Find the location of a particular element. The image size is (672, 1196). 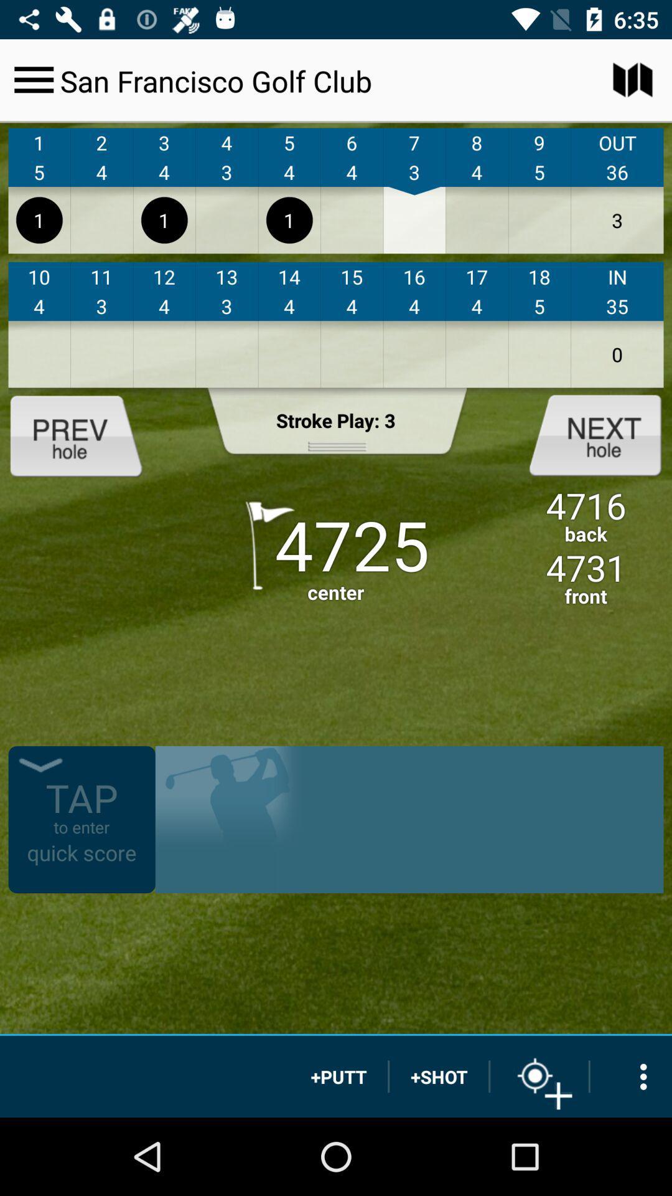

the icon to the left of san francisco golf is located at coordinates (33, 79).